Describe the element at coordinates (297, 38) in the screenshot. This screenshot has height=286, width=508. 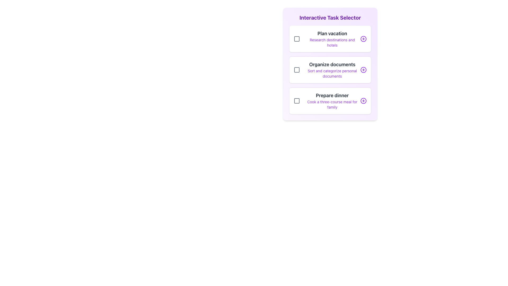
I see `the checkbox next to the bold text 'Plan vacation' to mark it as checked` at that location.